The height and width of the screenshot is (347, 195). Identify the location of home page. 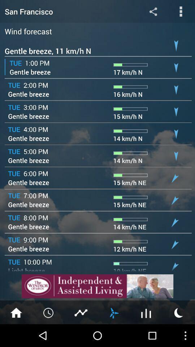
(16, 312).